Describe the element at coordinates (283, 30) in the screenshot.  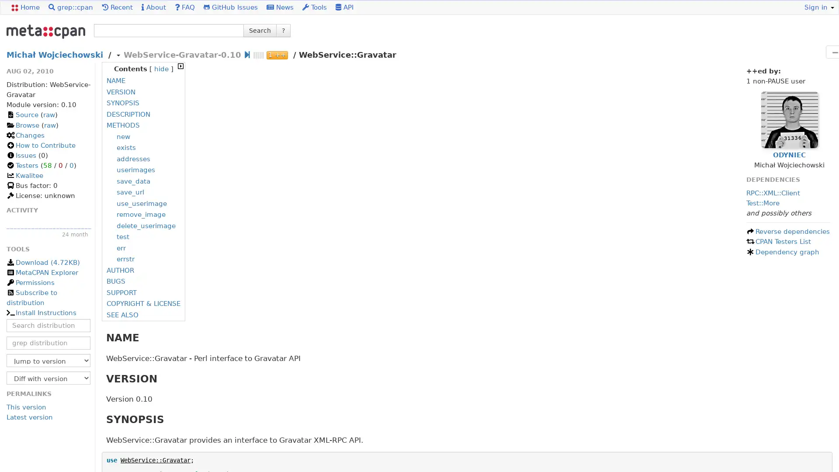
I see `?` at that location.